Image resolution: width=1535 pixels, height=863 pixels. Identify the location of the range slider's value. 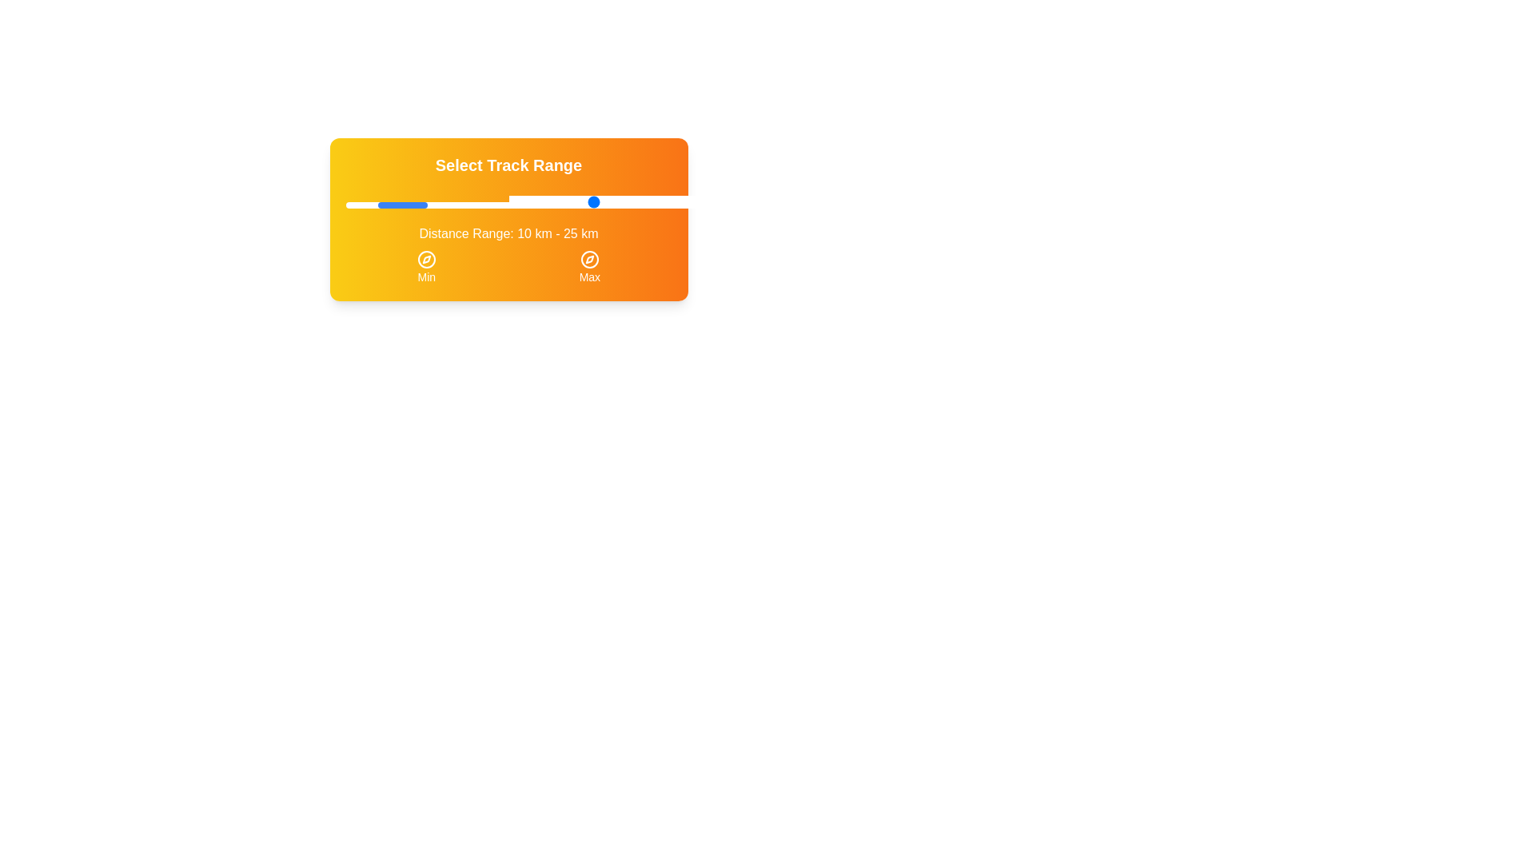
(407, 205).